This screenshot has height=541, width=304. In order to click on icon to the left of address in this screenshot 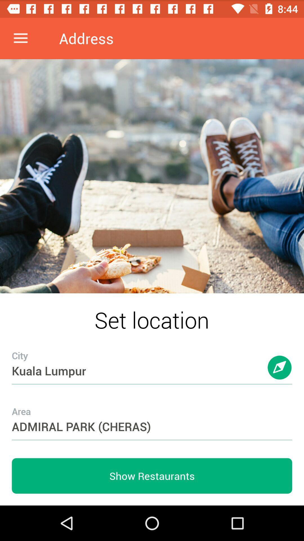, I will do `click(20, 38)`.